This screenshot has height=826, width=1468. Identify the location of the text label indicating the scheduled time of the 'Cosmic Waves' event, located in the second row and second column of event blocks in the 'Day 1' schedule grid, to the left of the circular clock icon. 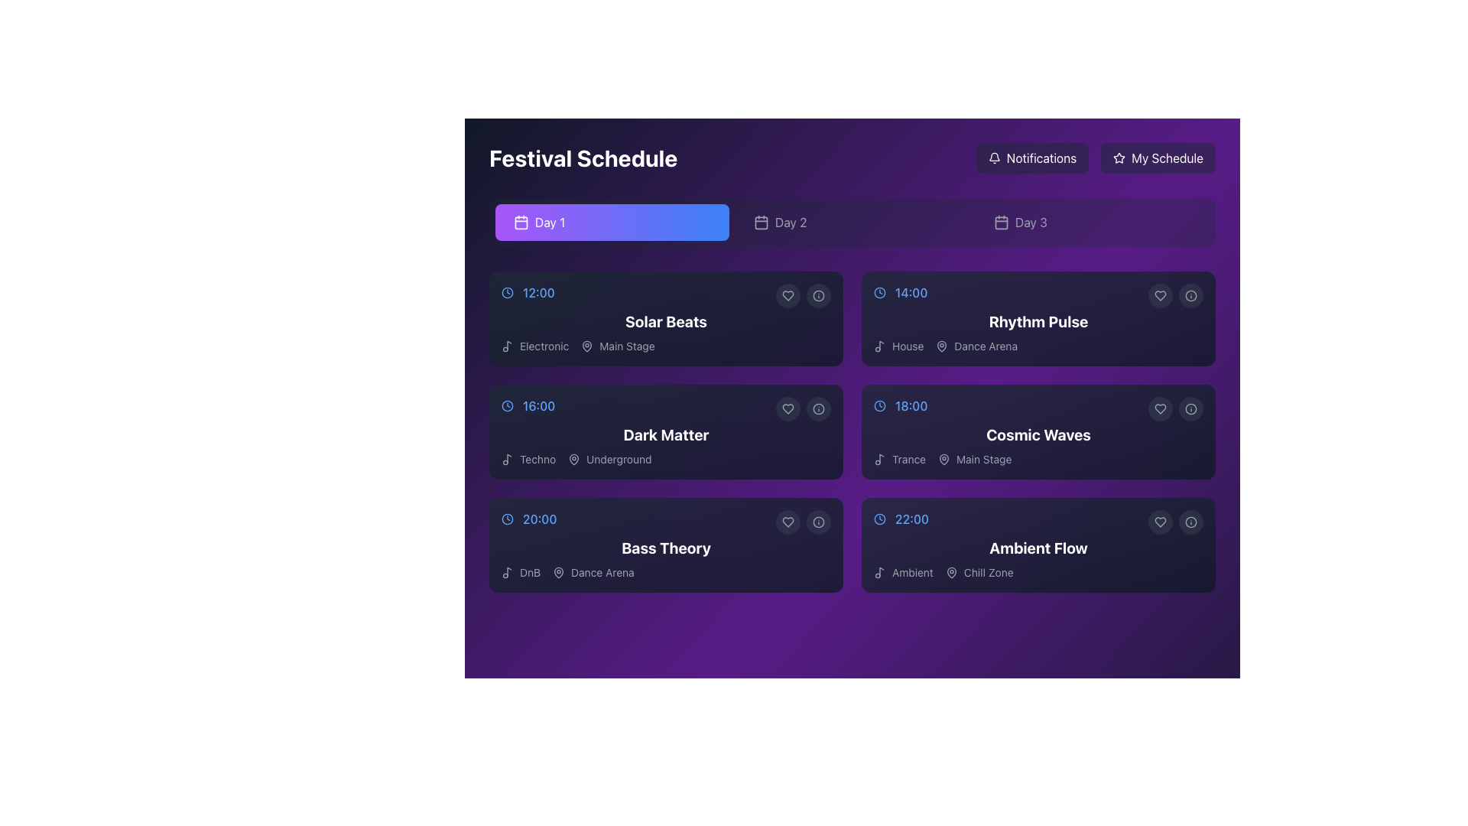
(911, 405).